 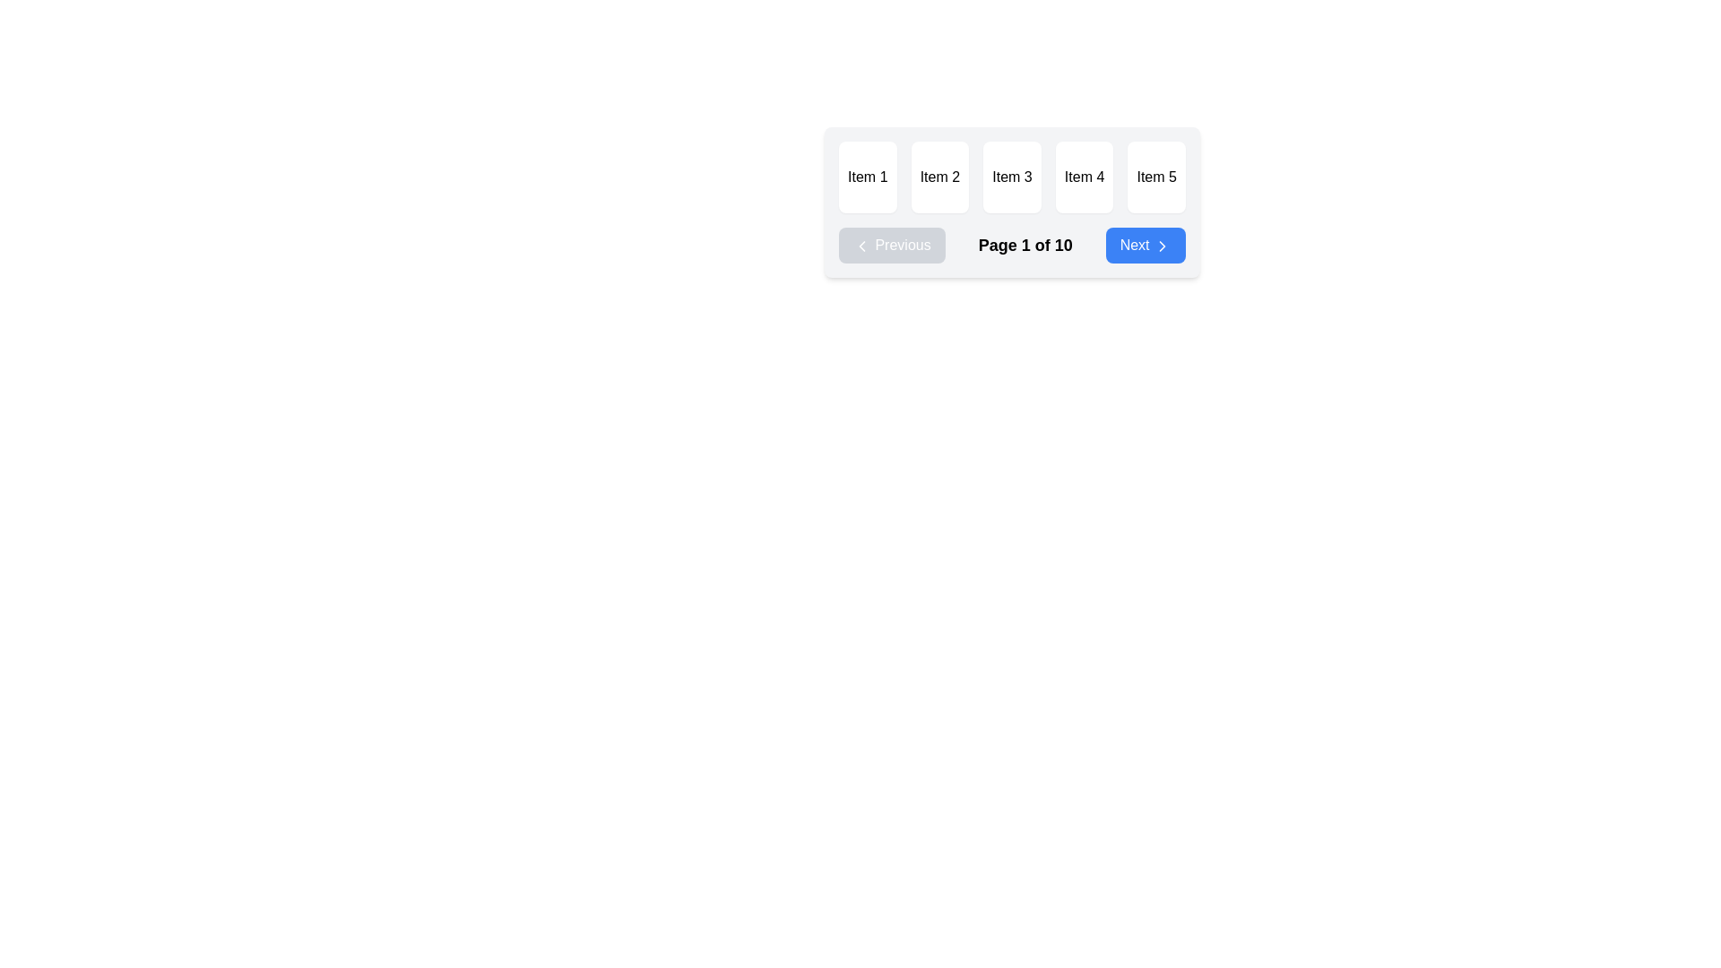 I want to click on the blue rounded button labeled 'Next' with a right arrow icon, so click(x=1144, y=245).